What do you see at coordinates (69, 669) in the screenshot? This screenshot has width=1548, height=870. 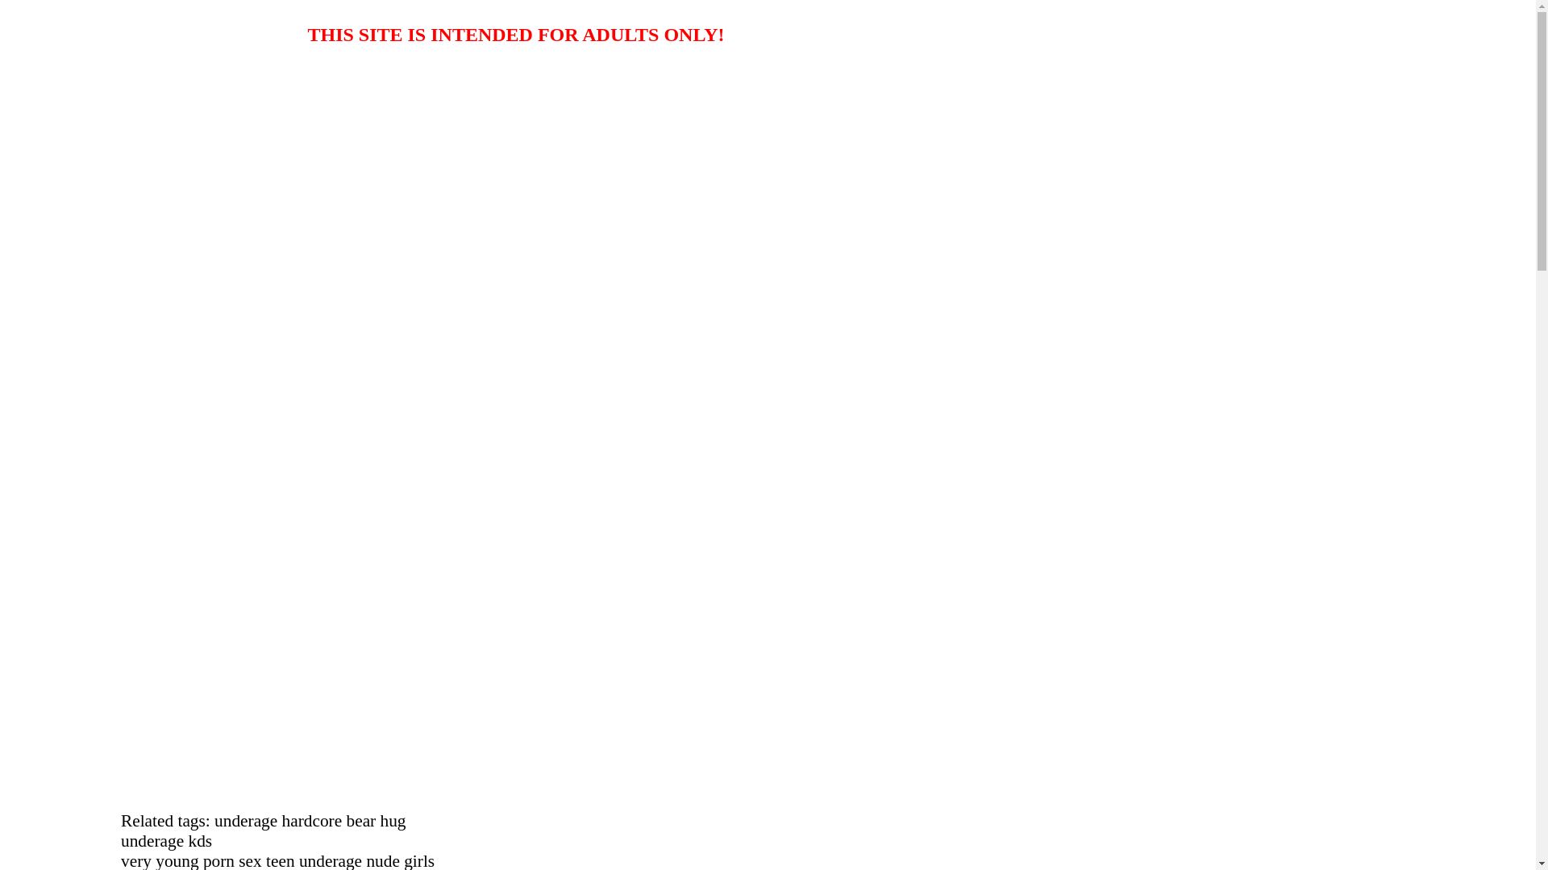 I see `'RSS of the latest trackbacks'` at bounding box center [69, 669].